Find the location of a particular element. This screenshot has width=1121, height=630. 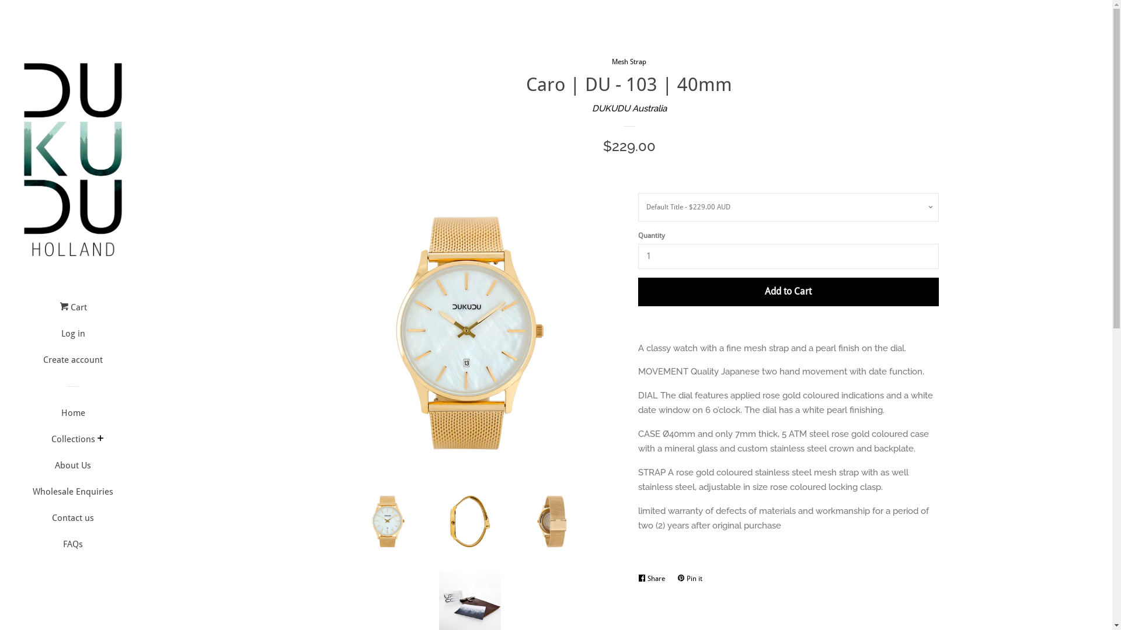

'Pin it is located at coordinates (692, 578).